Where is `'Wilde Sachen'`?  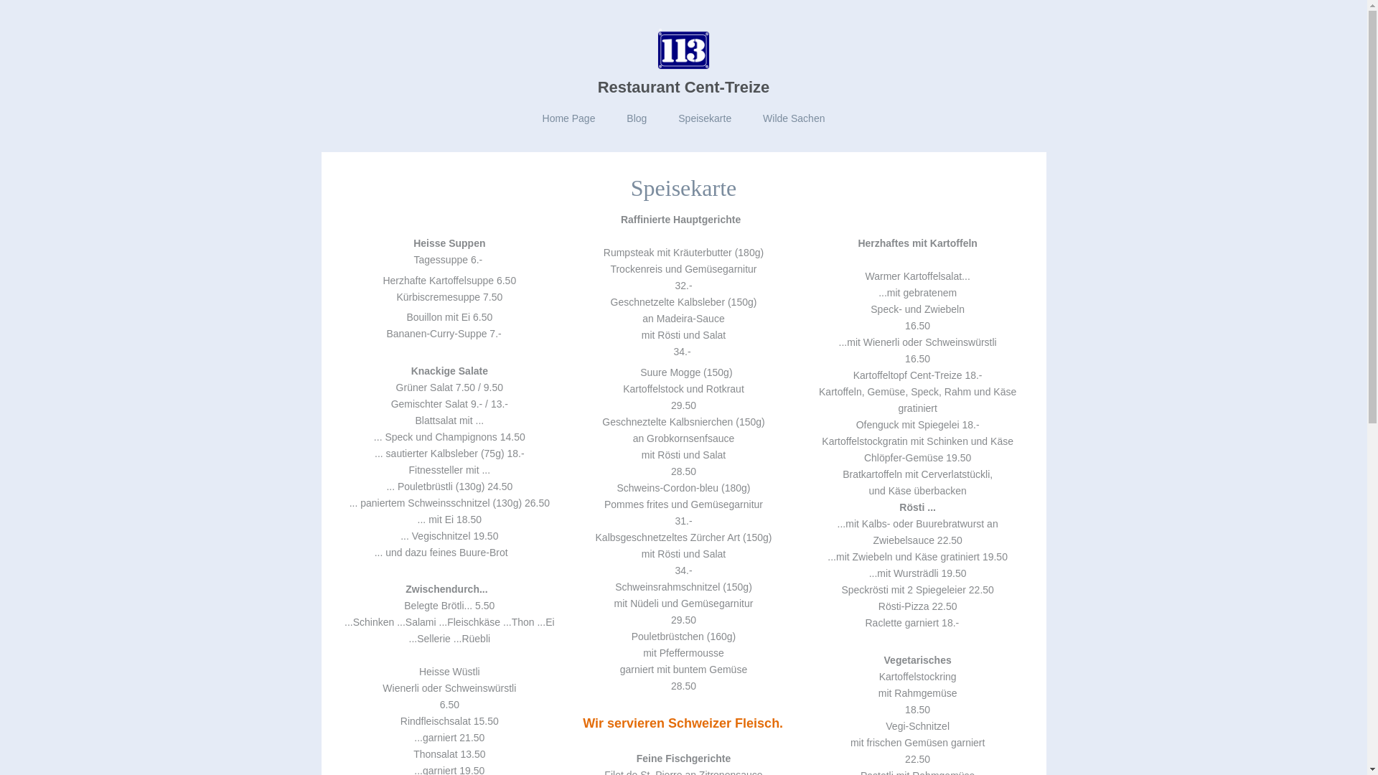 'Wilde Sachen' is located at coordinates (792, 118).